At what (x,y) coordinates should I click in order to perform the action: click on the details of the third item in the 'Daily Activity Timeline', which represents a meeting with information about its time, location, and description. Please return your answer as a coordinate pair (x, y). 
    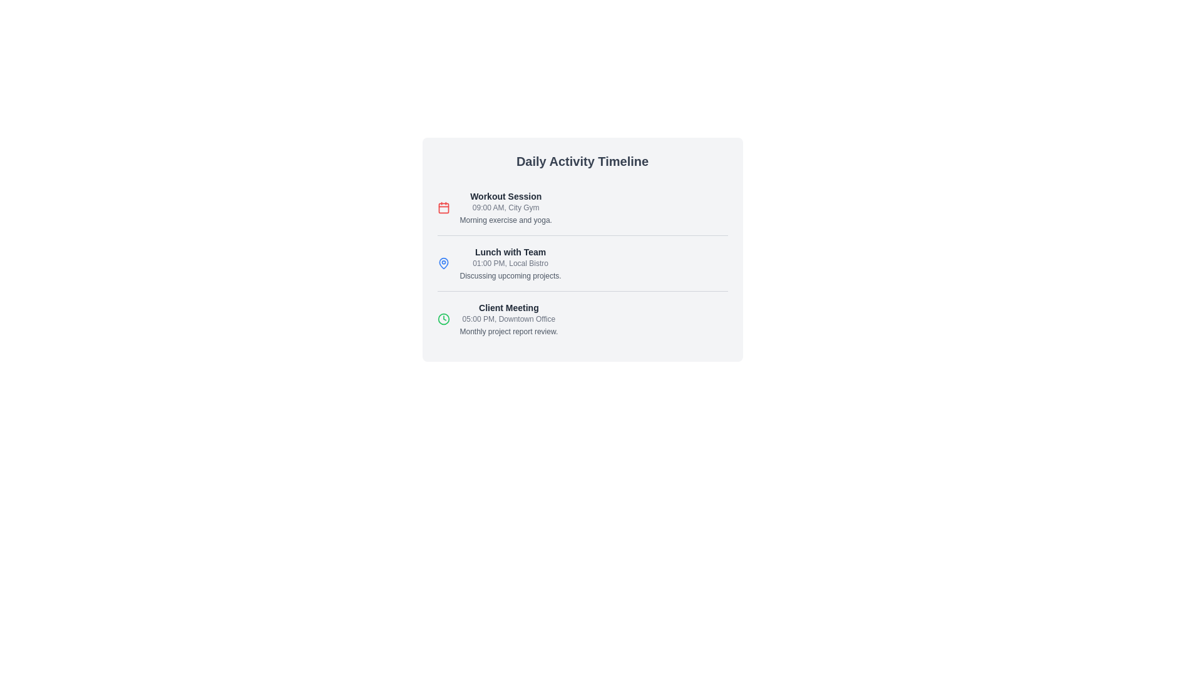
    Looking at the image, I should click on (582, 318).